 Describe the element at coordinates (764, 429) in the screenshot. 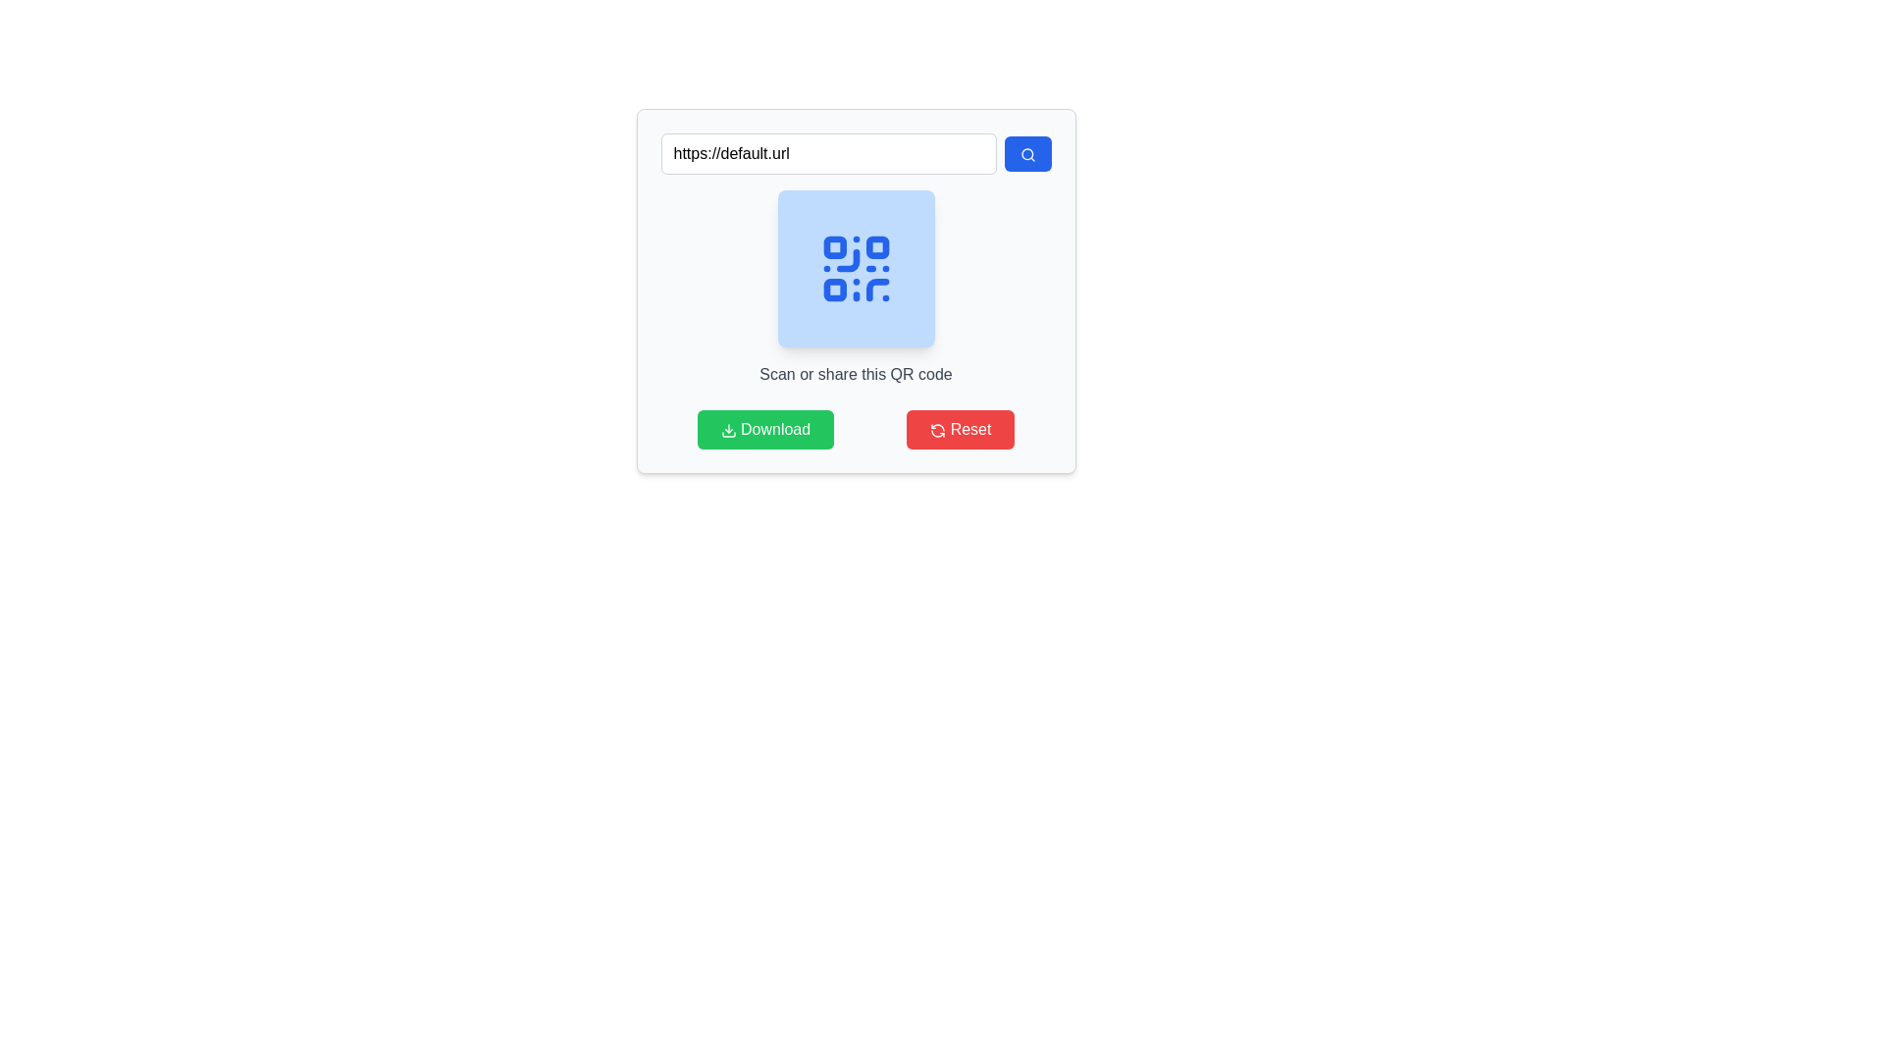

I see `the green 'Download' button with white text and a downward arrow icon to initiate the download` at that location.